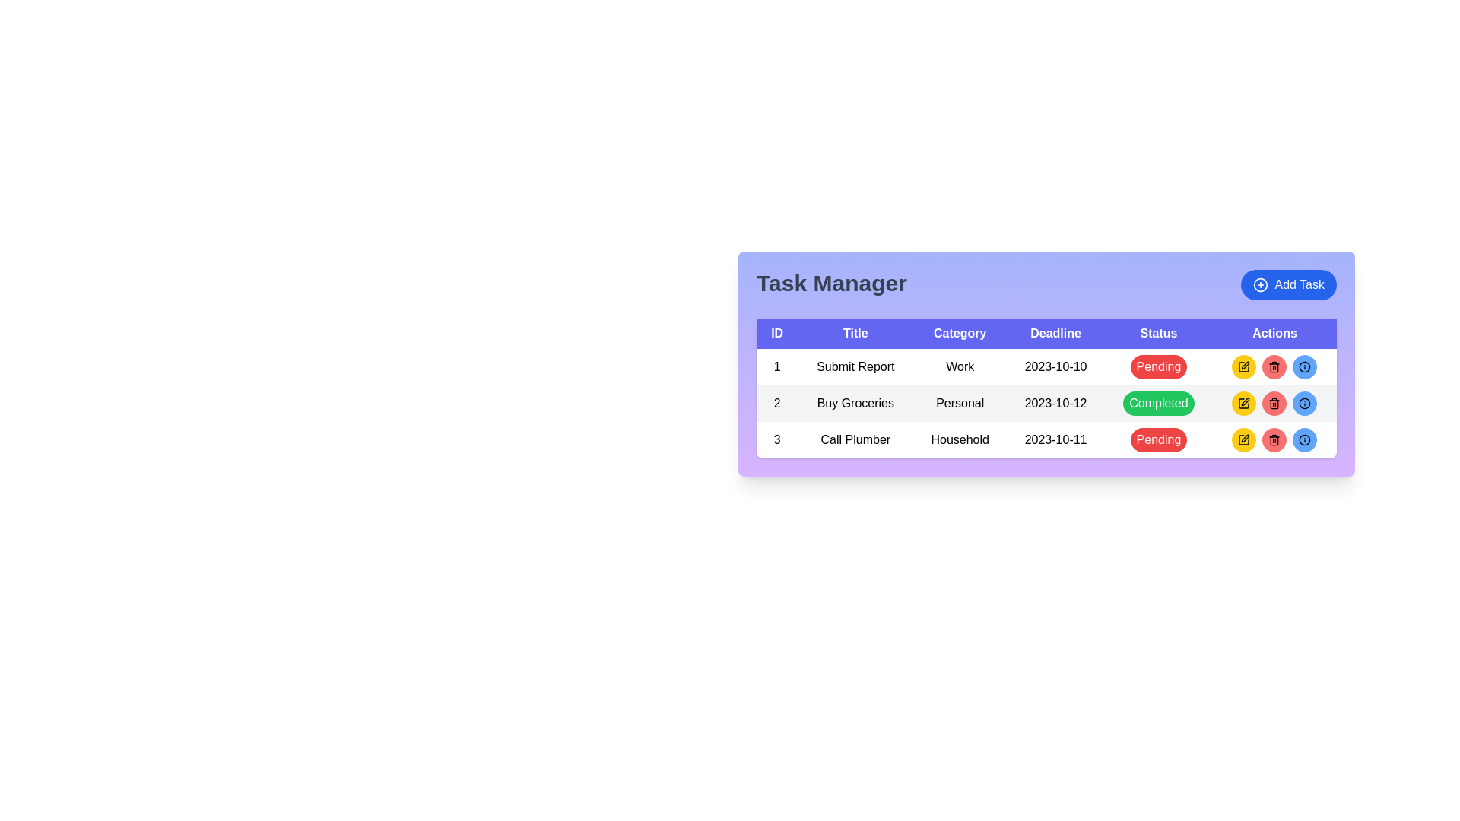  Describe the element at coordinates (1304, 403) in the screenshot. I see `the information icon button with a blue background and white 'i' in the center, located in the 'Actions' column of the 'Call Plumber' task row` at that location.